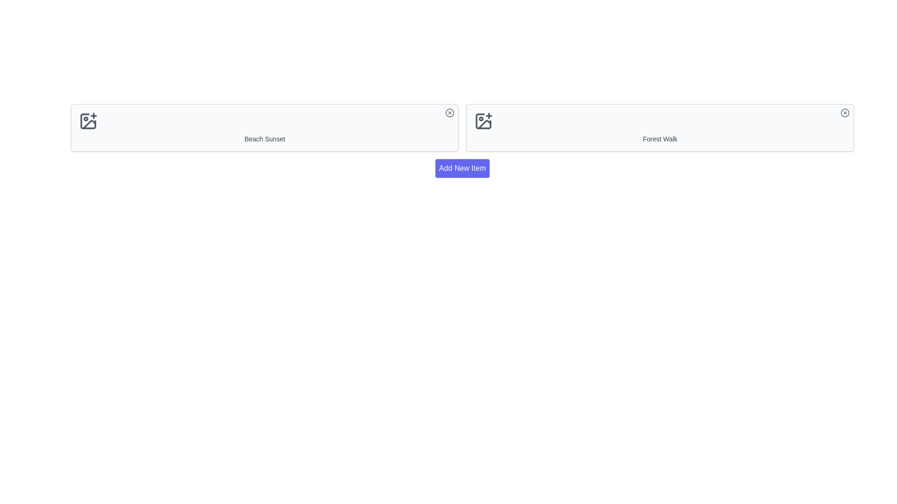 The image size is (897, 504). I want to click on the Card component titled 'Beach Sunset', which is the first card in a two-column grid layout, located on the left side, so click(264, 127).